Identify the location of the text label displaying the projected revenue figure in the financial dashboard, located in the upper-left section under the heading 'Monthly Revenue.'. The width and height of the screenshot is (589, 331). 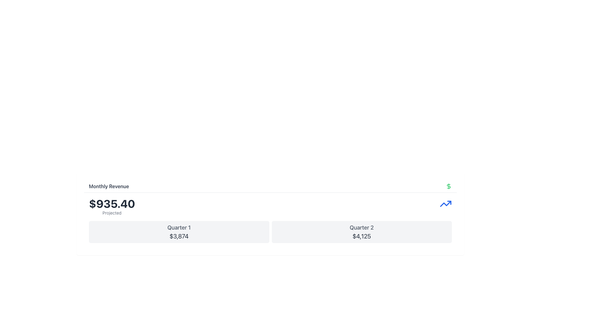
(112, 207).